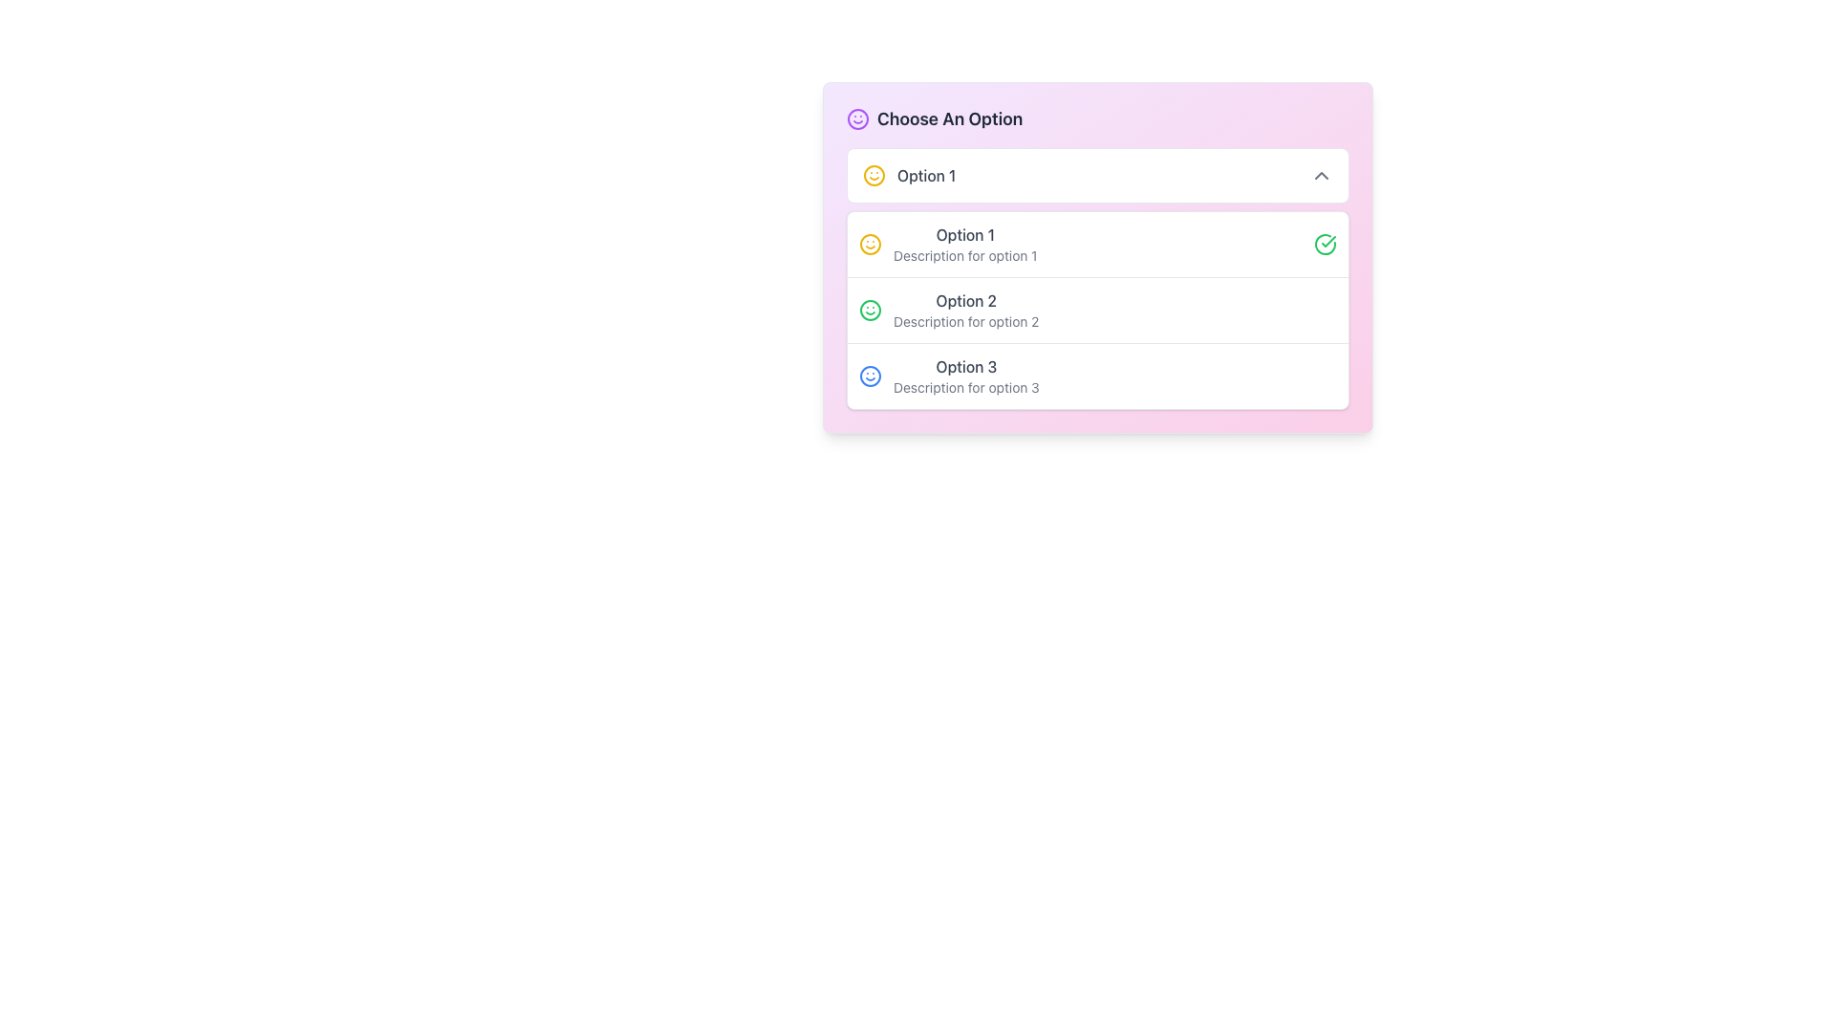 This screenshot has height=1032, width=1835. Describe the element at coordinates (949, 376) in the screenshot. I see `the List Item element that features a smiley icon, bold text 'Option 3', and a description 'Description for option 3'` at that location.